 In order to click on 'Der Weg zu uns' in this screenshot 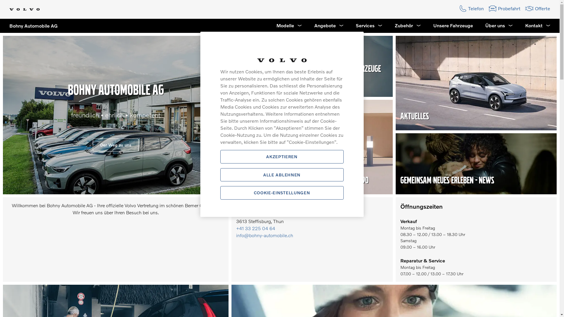, I will do `click(93, 145)`.